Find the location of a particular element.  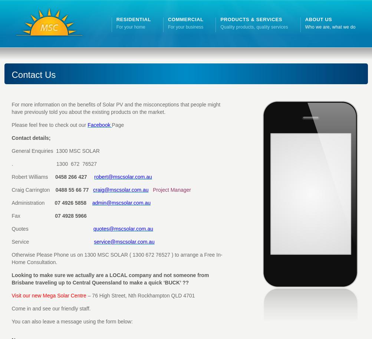

'Contact Us' is located at coordinates (11, 75).